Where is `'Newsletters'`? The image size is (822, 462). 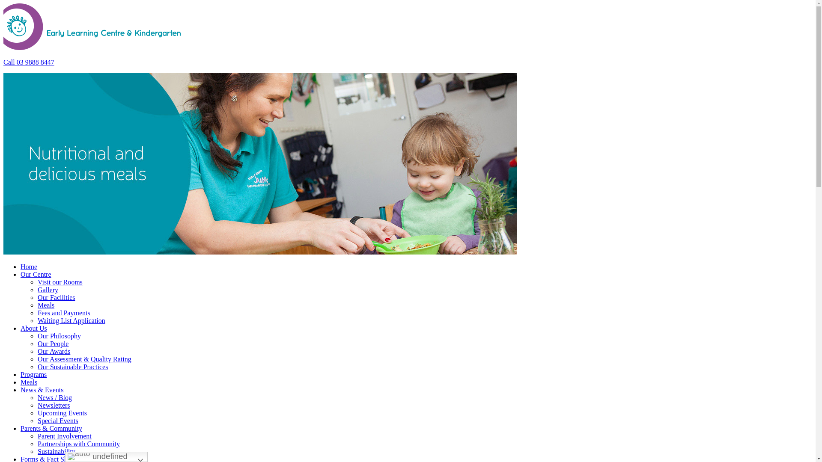 'Newsletters' is located at coordinates (53, 405).